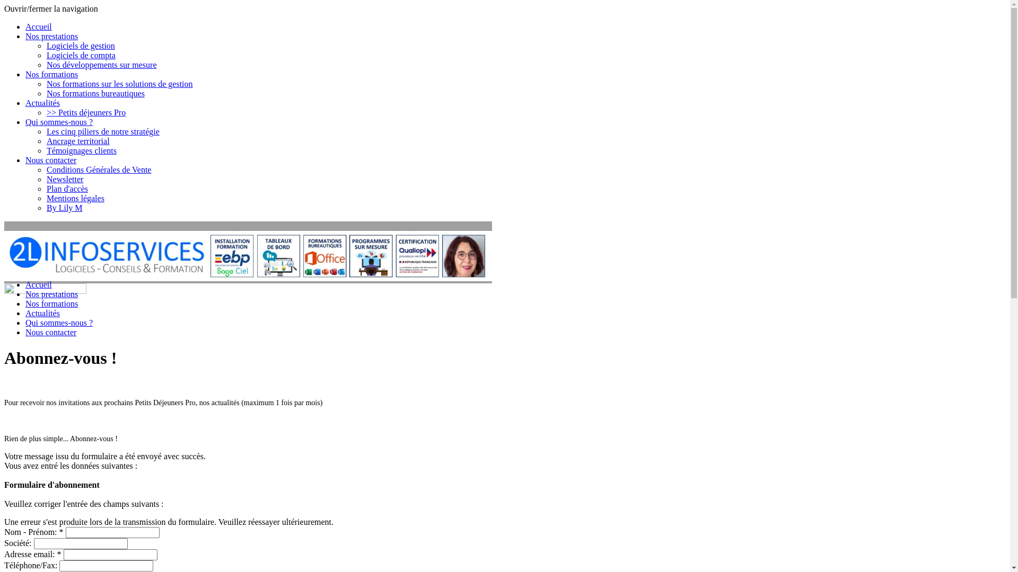 This screenshot has width=1018, height=572. I want to click on 'Ouvrir/fermer la navigation', so click(50, 8).